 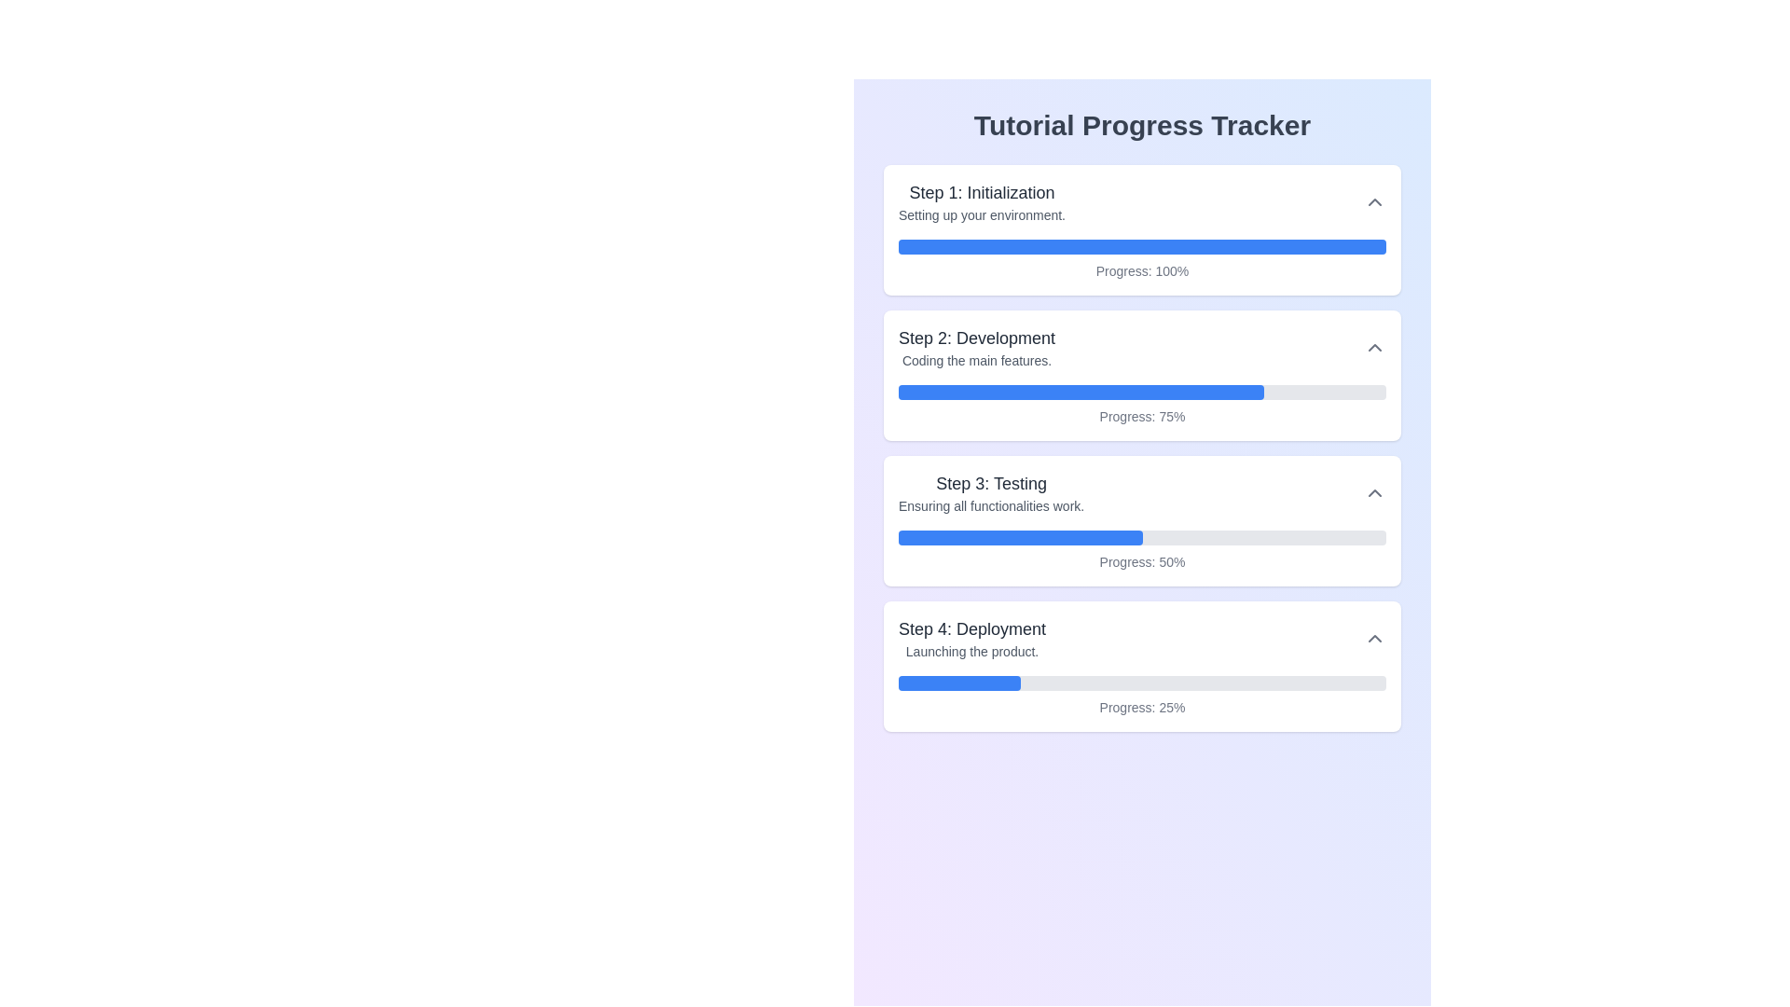 I want to click on the upward-pointing chevron icon button in the top-right corner of the 'Step 4: Deployment' section, so click(x=1374, y=638).